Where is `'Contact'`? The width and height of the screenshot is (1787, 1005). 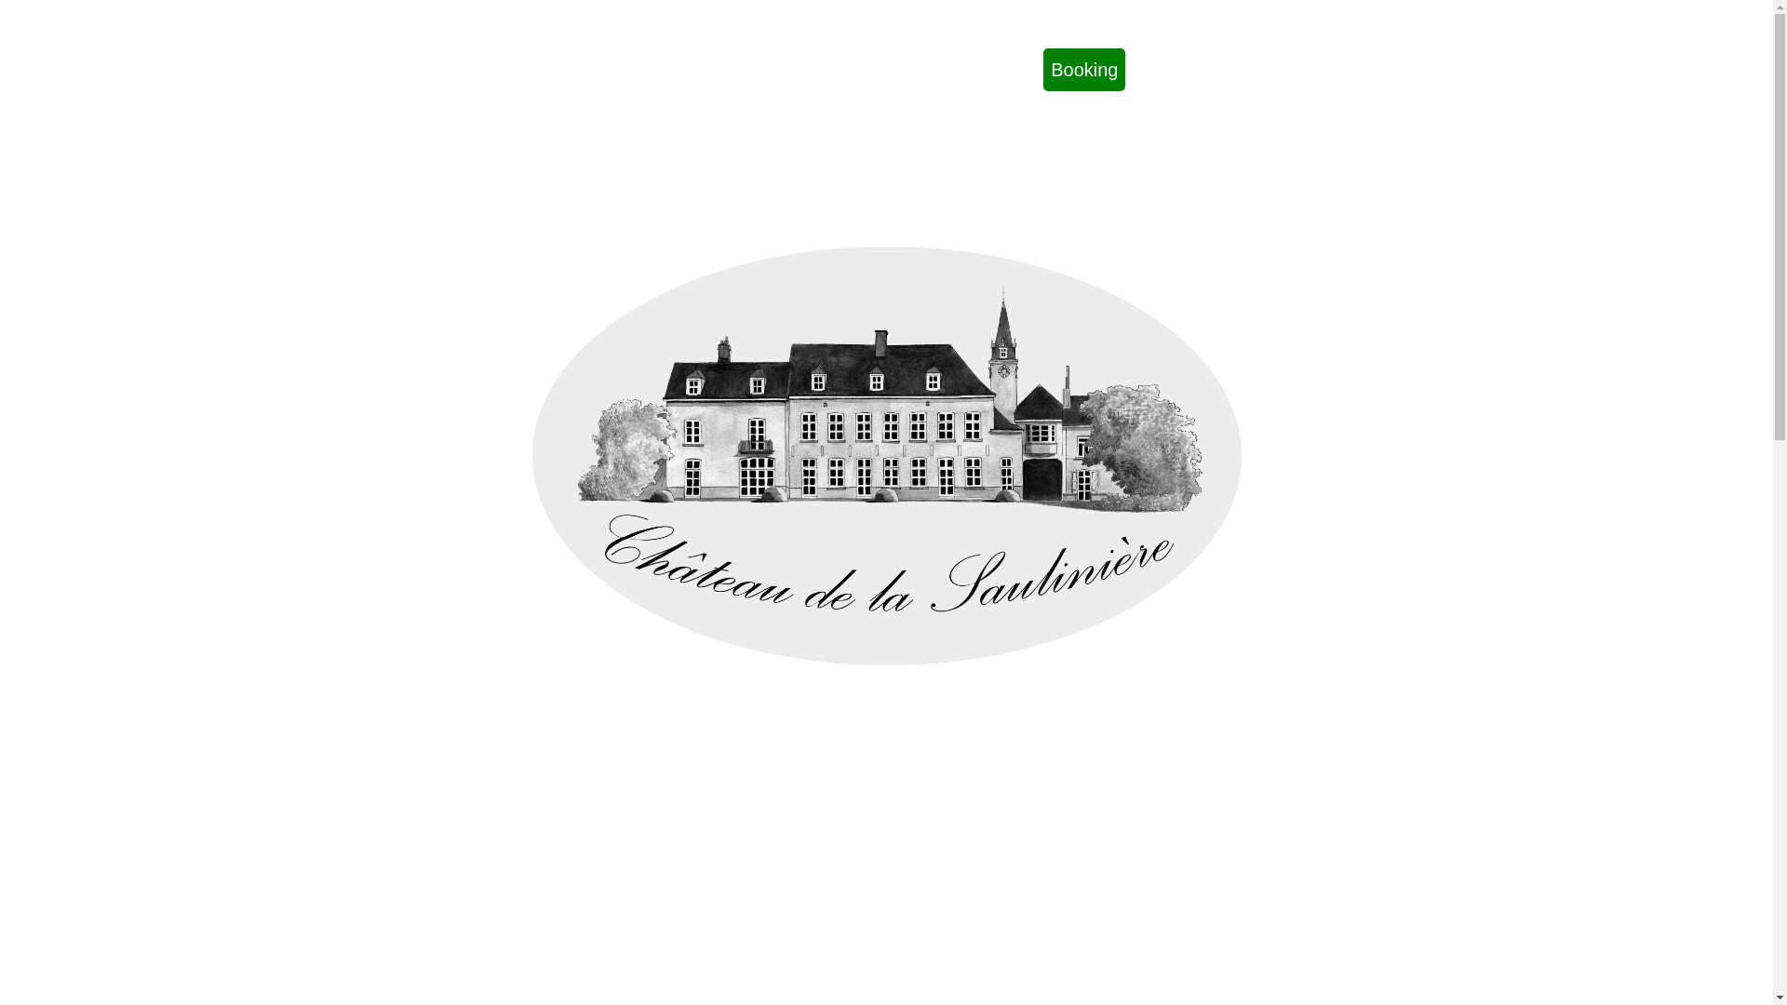
'Contact' is located at coordinates (927, 68).